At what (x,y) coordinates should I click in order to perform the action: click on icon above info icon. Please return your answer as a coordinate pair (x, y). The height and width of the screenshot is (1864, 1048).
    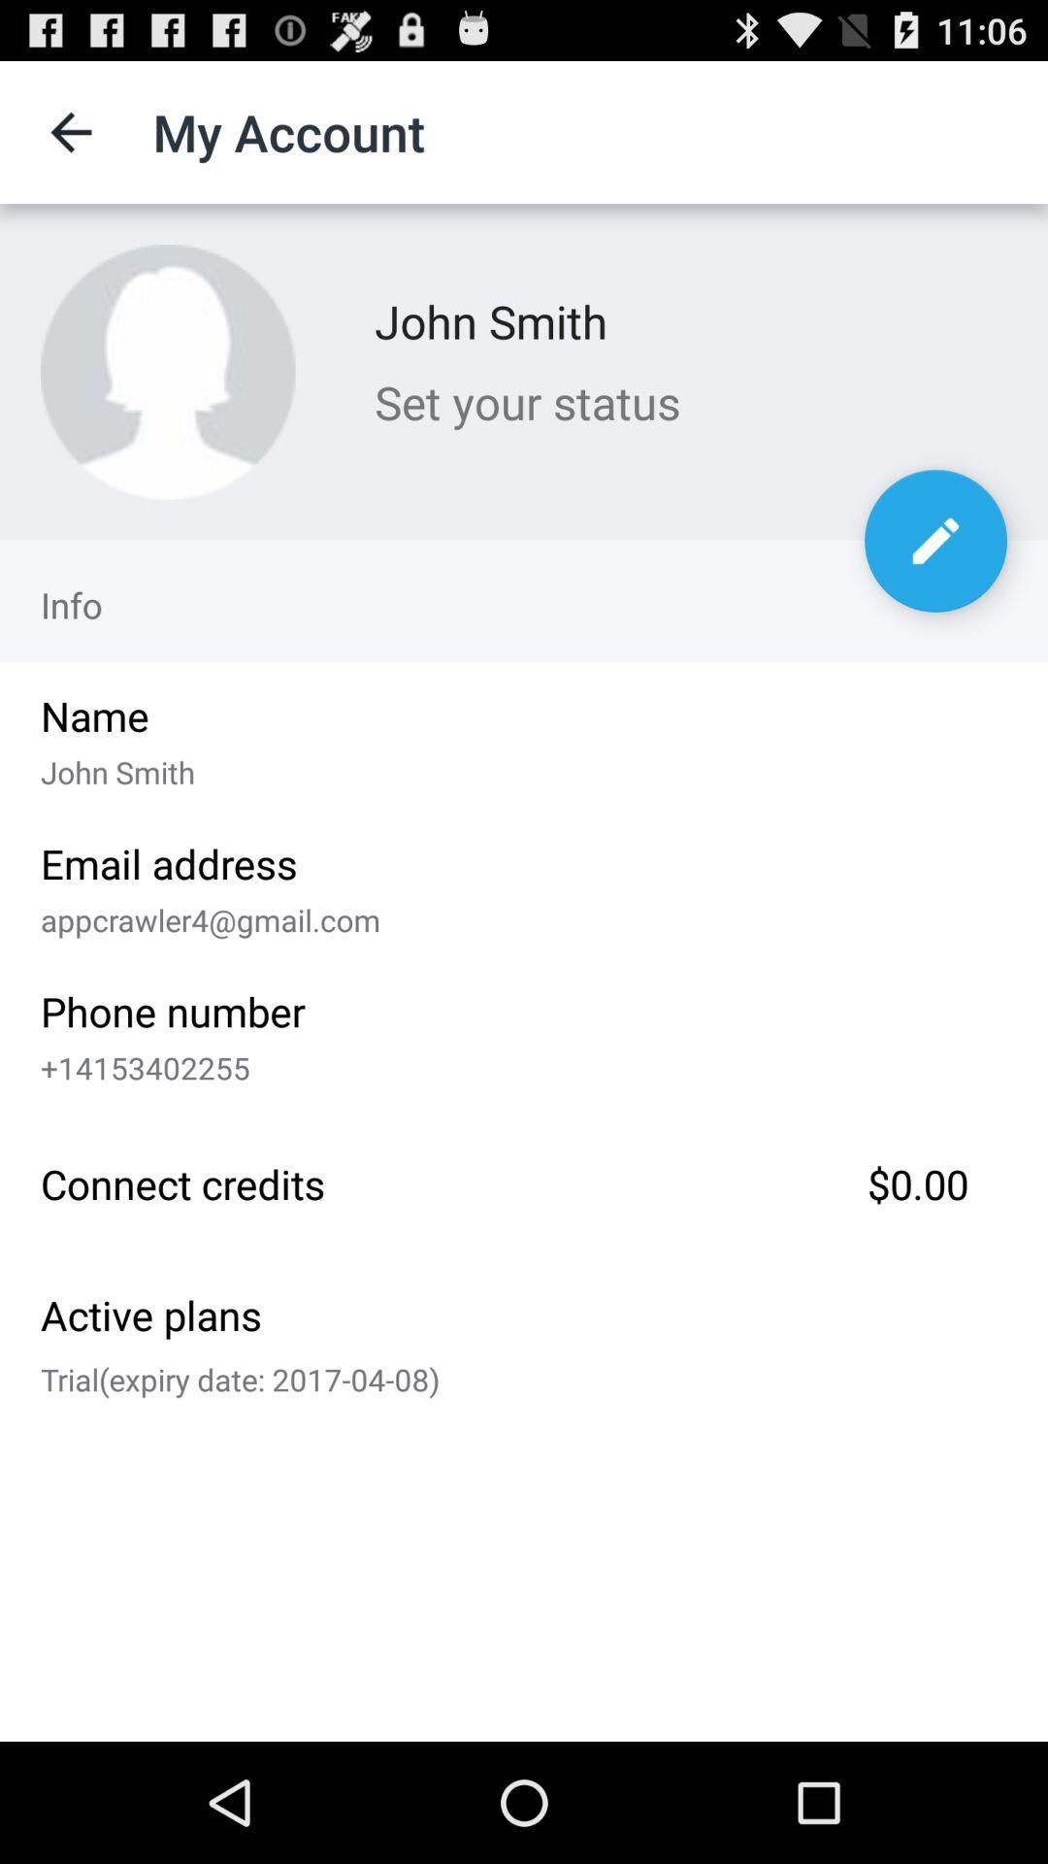
    Looking at the image, I should click on (167, 372).